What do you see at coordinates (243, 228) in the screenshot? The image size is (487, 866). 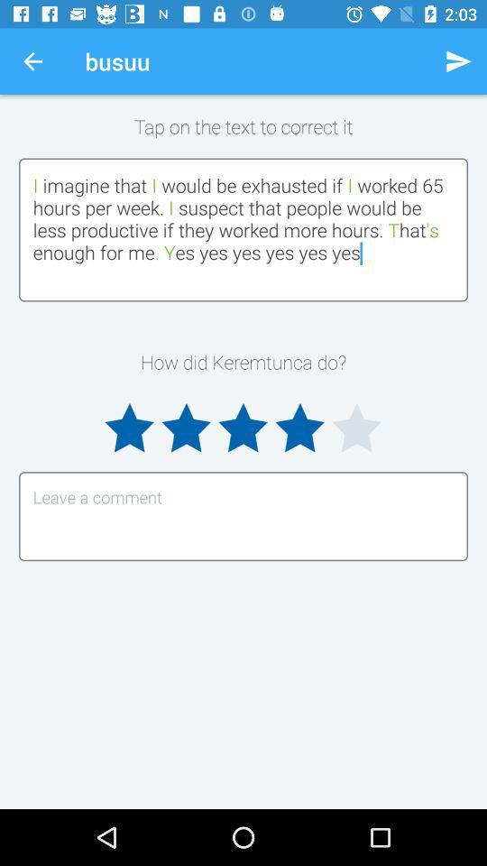 I see `icon below tap on the item` at bounding box center [243, 228].